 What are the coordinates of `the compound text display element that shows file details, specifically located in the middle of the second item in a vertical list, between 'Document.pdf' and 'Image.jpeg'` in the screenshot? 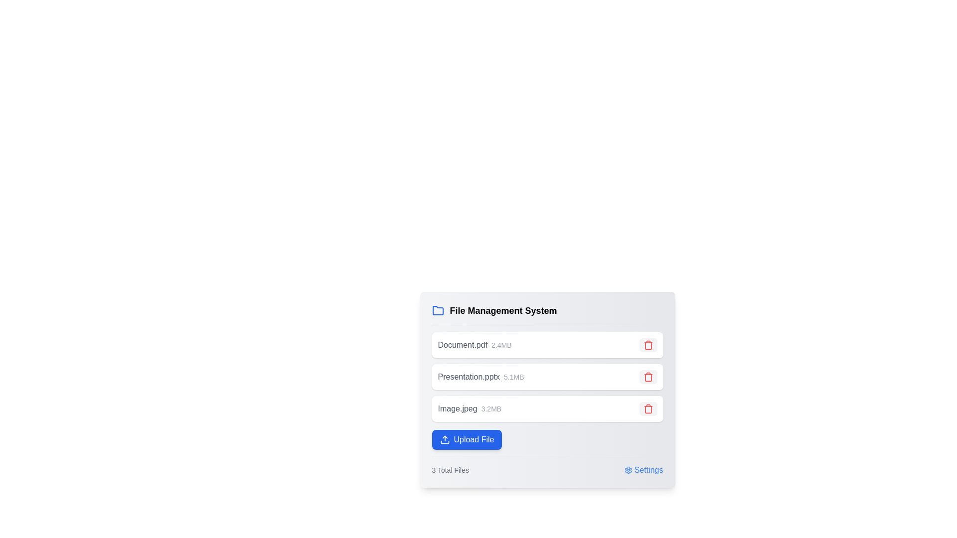 It's located at (480, 377).